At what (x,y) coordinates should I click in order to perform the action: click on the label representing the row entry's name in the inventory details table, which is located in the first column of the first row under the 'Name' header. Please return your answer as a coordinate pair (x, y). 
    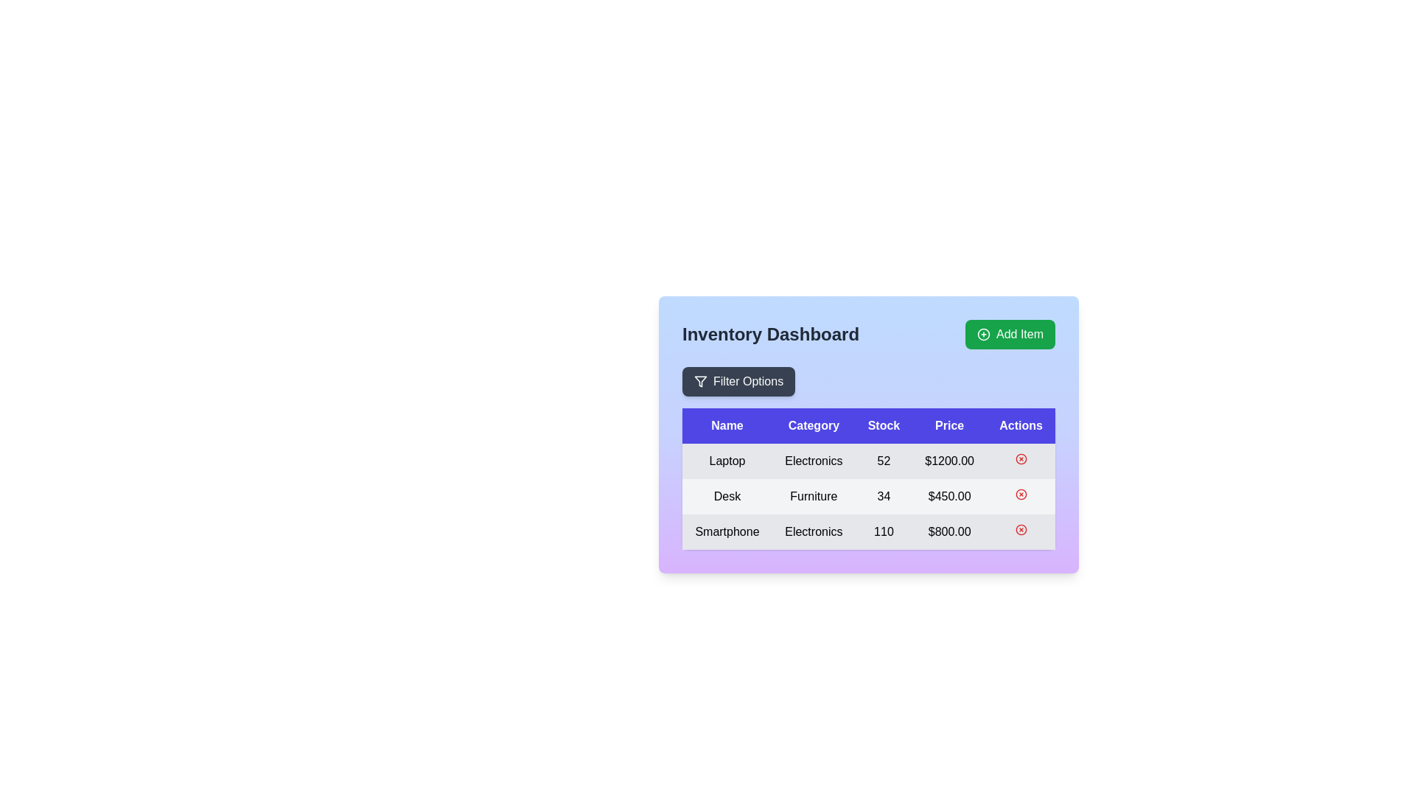
    Looking at the image, I should click on (727, 460).